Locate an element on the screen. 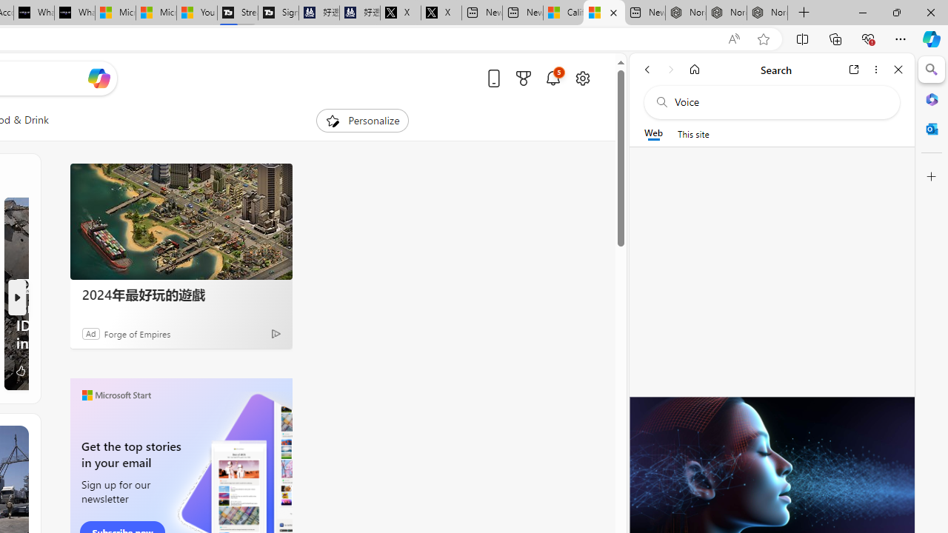  'Open settings' is located at coordinates (581, 78).